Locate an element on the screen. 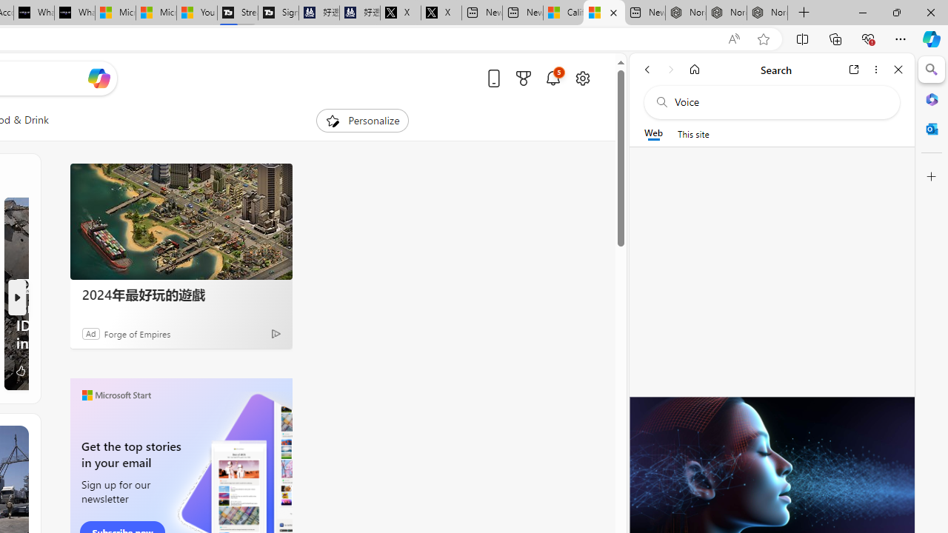  'Open settings' is located at coordinates (581, 78).